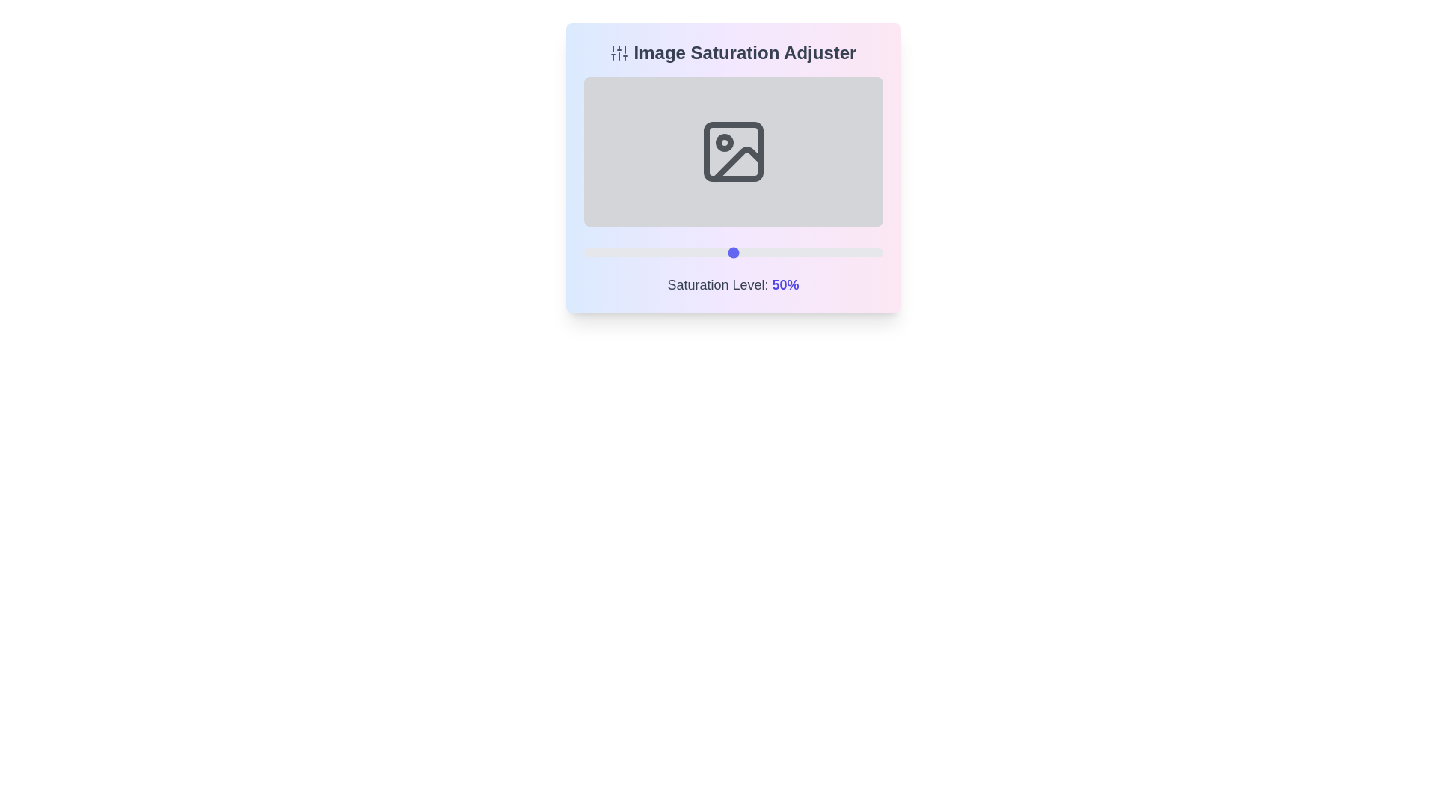  I want to click on the saturation level to 99% by interacting with the slider, so click(880, 252).